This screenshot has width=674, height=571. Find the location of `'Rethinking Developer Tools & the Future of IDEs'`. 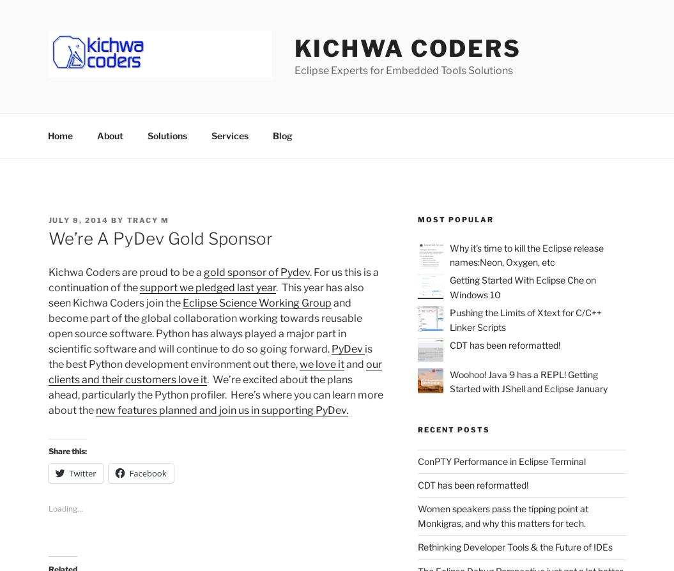

'Rethinking Developer Tools & the Future of IDEs' is located at coordinates (514, 546).